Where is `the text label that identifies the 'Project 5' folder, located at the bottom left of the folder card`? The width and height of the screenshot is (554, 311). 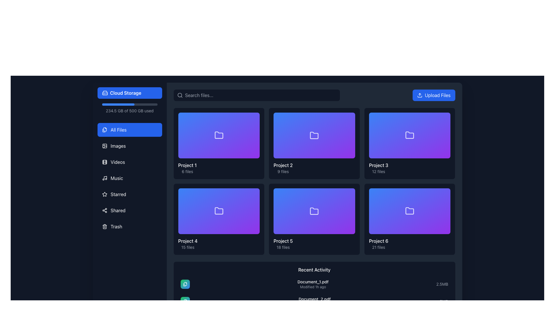 the text label that identifies the 'Project 5' folder, located at the bottom left of the folder card is located at coordinates (283, 241).